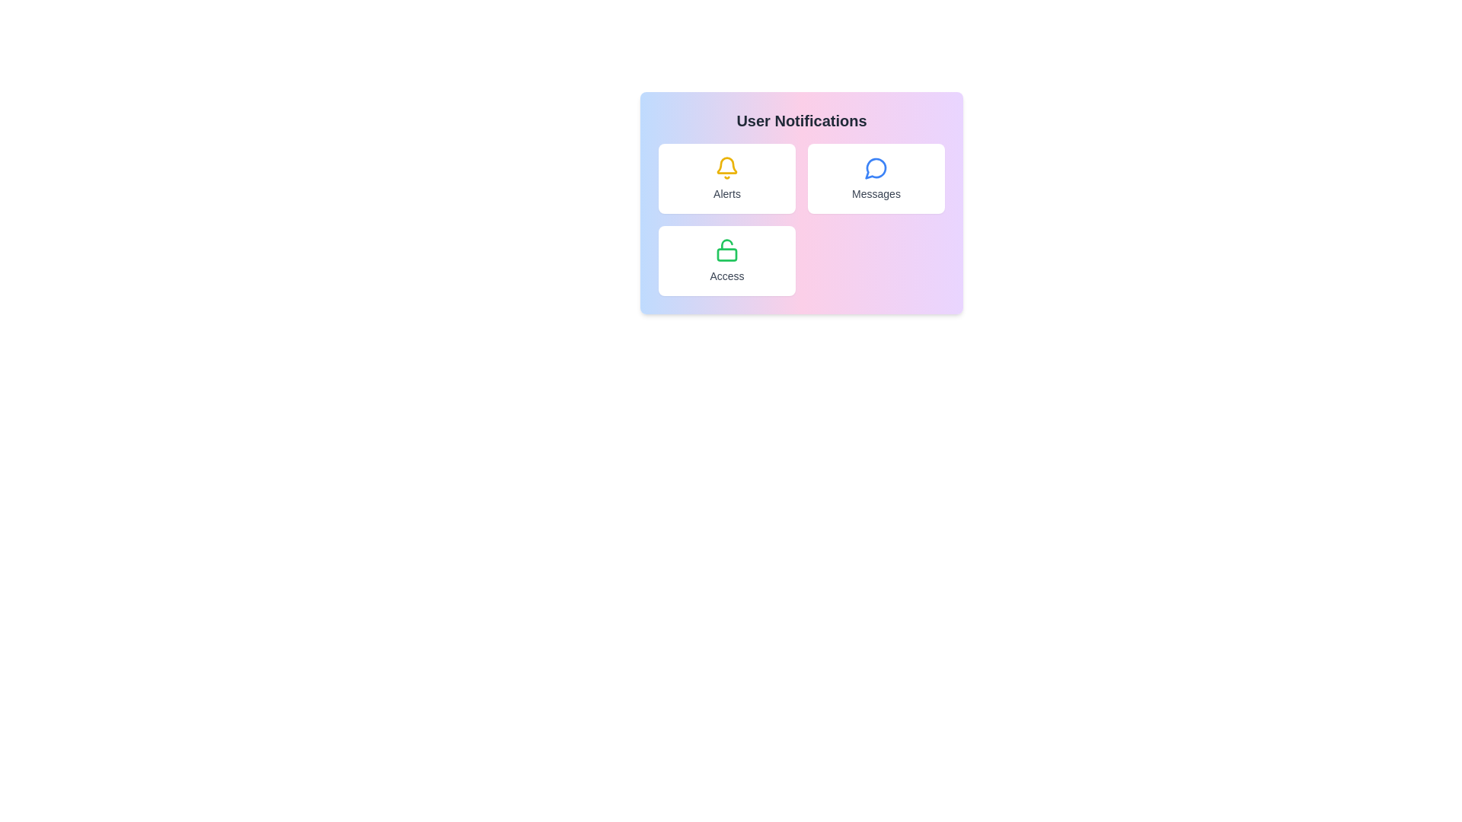  I want to click on the open shackle of the lock icon, which visually indicates that the lock is in an open state, positioned above the rectangular body of the lock, so click(726, 244).